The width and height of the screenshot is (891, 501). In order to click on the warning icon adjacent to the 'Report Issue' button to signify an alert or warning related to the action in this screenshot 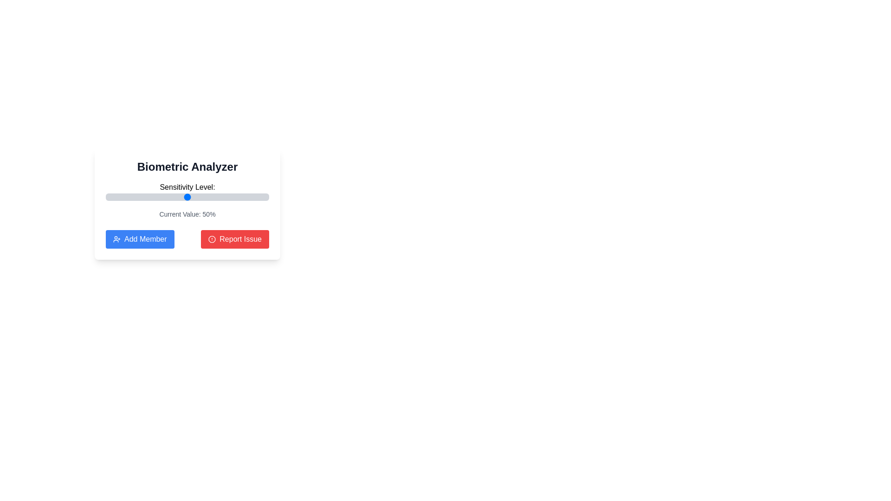, I will do `click(212, 239)`.